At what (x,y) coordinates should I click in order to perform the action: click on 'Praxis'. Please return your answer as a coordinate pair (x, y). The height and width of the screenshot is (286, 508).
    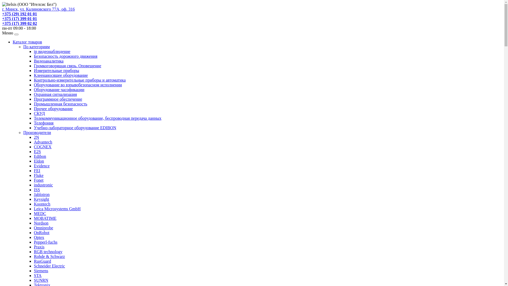
    Looking at the image, I should click on (39, 247).